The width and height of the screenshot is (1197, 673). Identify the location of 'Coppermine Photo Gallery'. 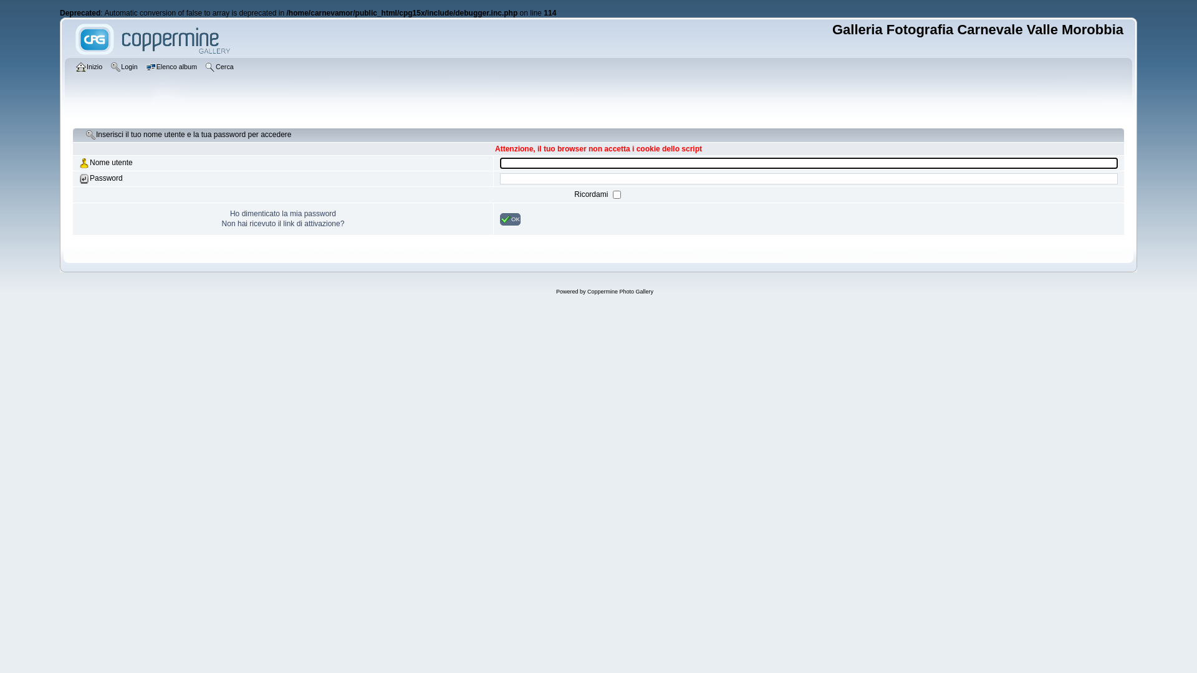
(620, 291).